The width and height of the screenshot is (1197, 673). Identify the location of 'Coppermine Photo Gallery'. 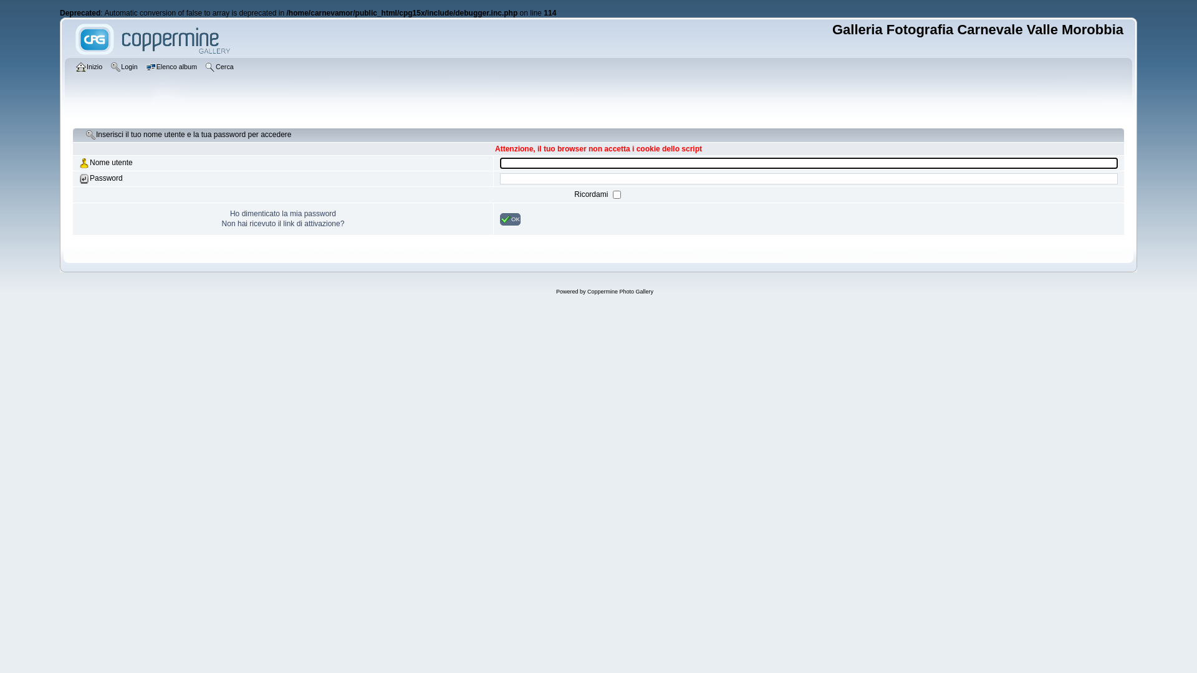
(620, 291).